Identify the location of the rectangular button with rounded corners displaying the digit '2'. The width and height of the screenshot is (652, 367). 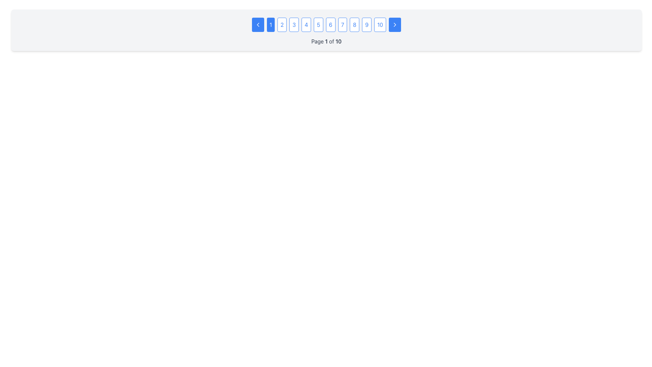
(282, 24).